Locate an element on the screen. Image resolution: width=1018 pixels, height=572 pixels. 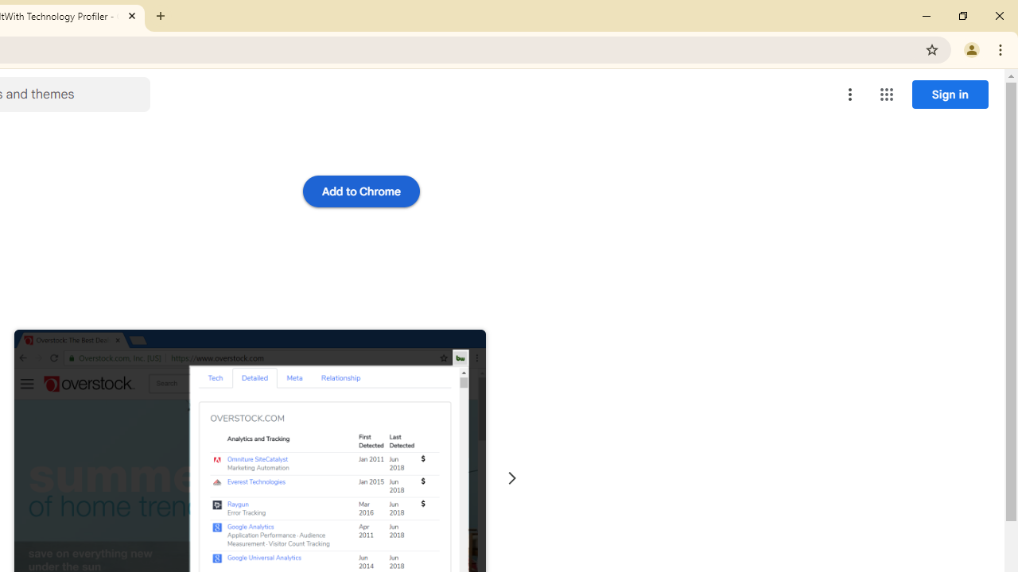
'Next slide' is located at coordinates (511, 477).